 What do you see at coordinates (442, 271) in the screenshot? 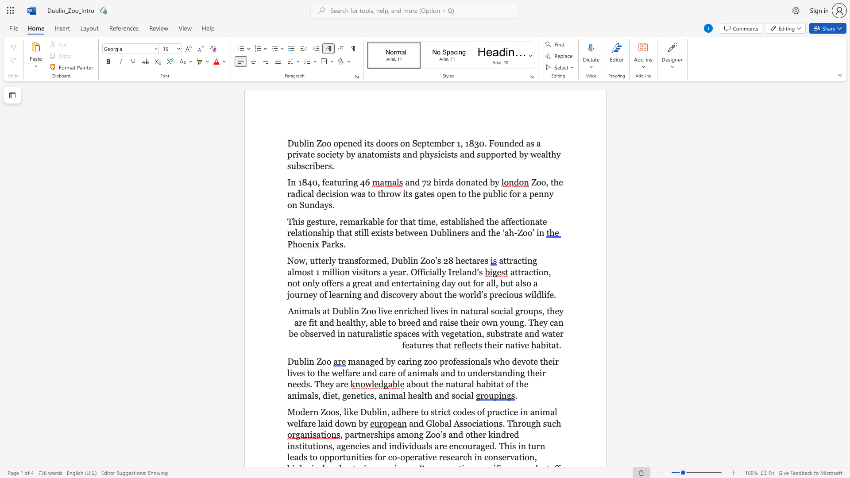
I see `the subset text "y I" within the text "attracting almost 1 million visitors a year. Officially Ireland’s"` at bounding box center [442, 271].